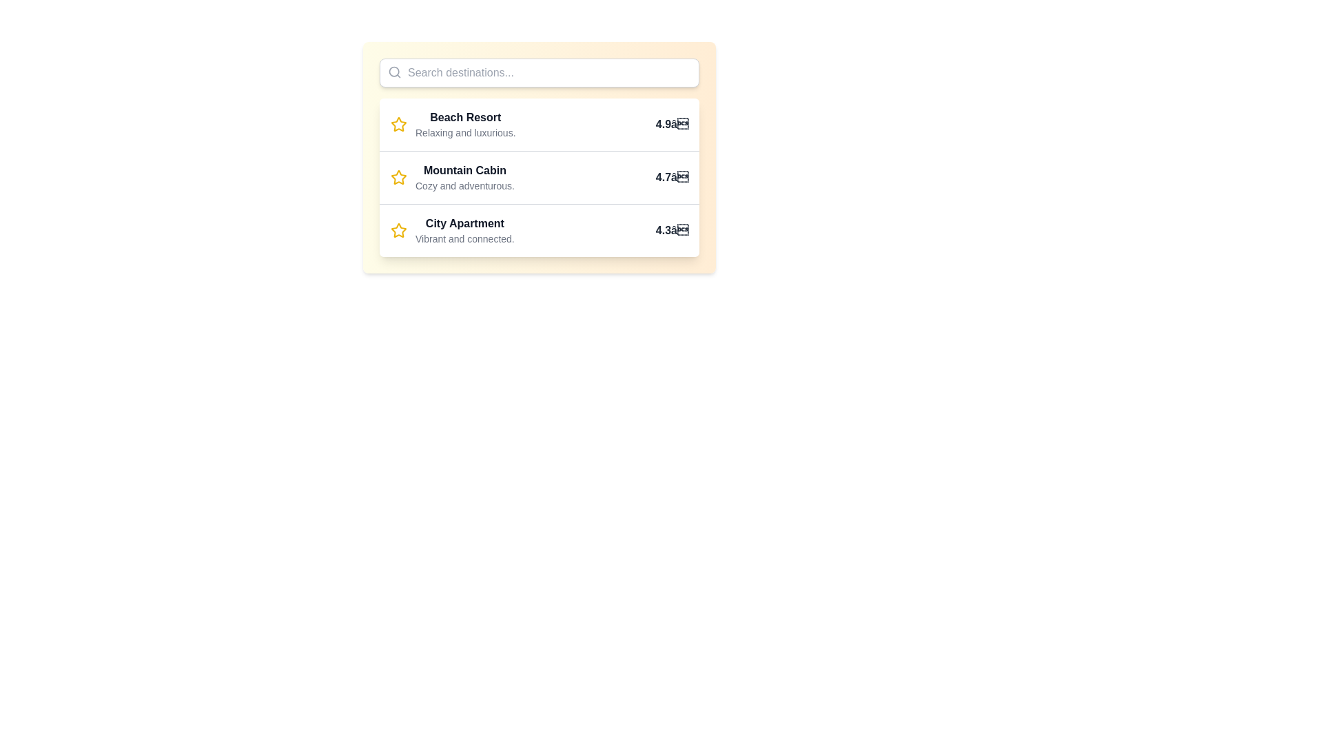 Image resolution: width=1323 pixels, height=744 pixels. What do you see at coordinates (465, 177) in the screenshot?
I see `text block titled 'Mountain Cabin' which contains the description 'Cozy and adventurous.'` at bounding box center [465, 177].